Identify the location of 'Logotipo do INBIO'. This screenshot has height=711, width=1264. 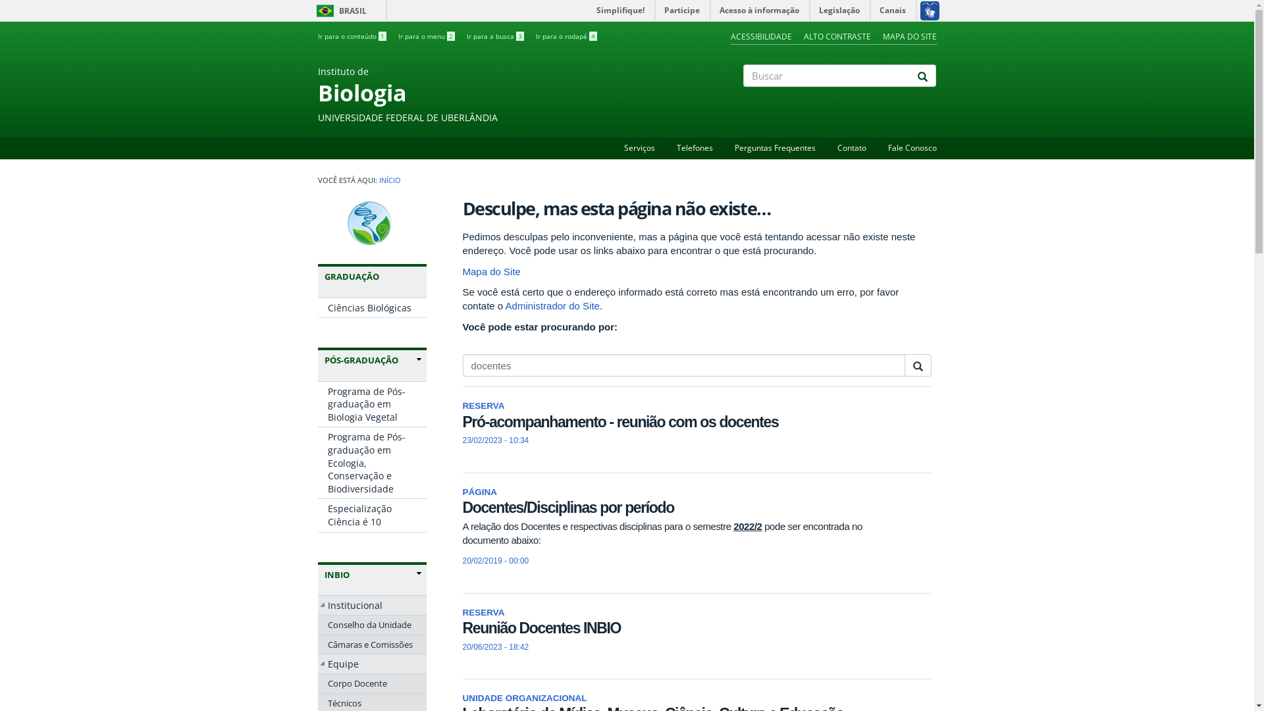
(371, 223).